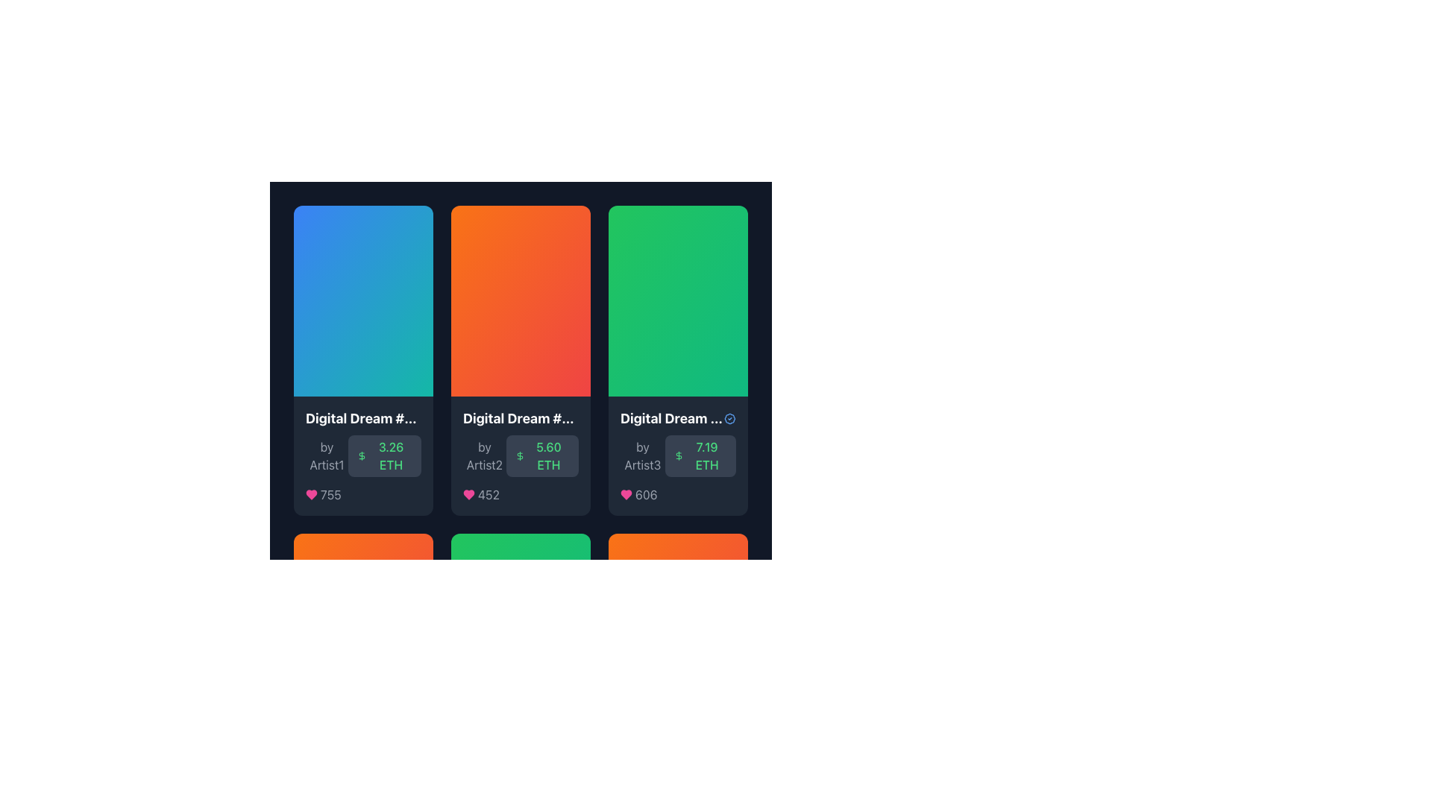 The width and height of the screenshot is (1432, 805). Describe the element at coordinates (415, 747) in the screenshot. I see `the verification badge icon with a checkmark, styled in blue, located next to the text 'Digital Dream #1906' by clicking on it` at that location.